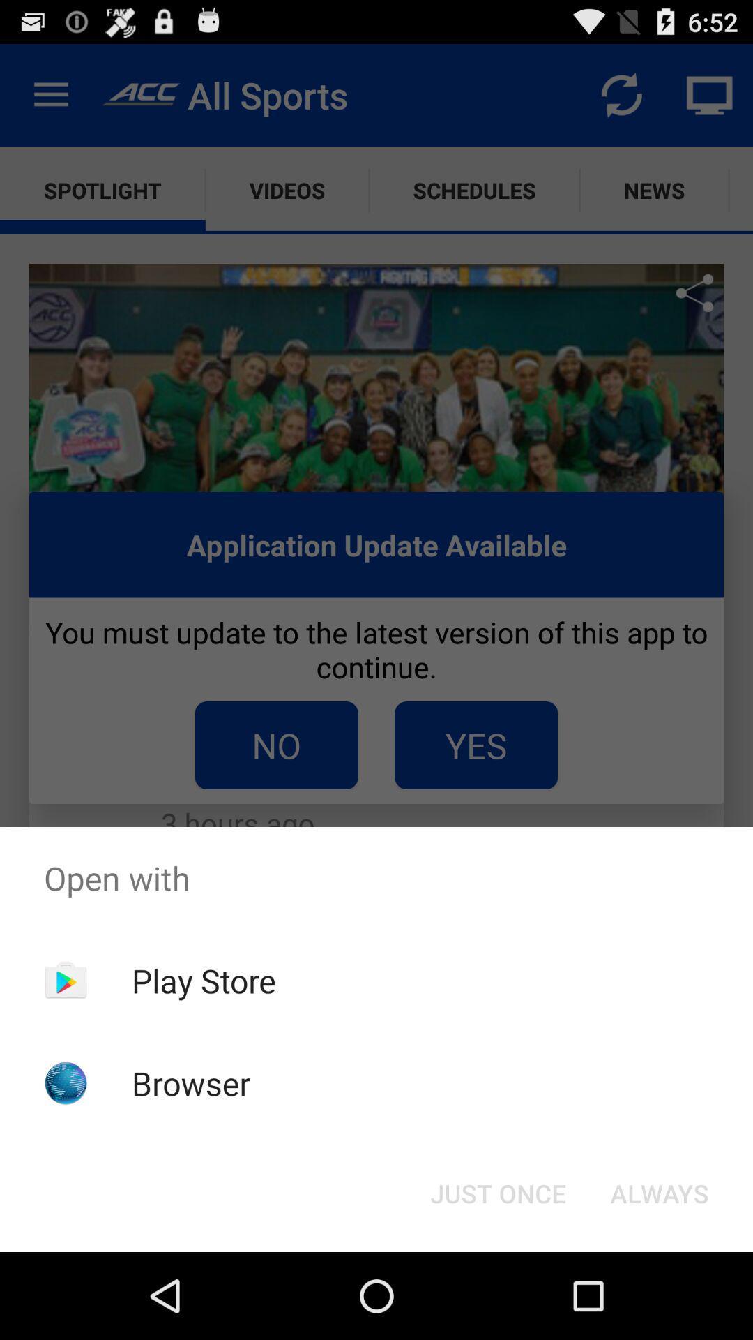 This screenshot has height=1340, width=753. What do you see at coordinates (659, 1192) in the screenshot?
I see `the always icon` at bounding box center [659, 1192].